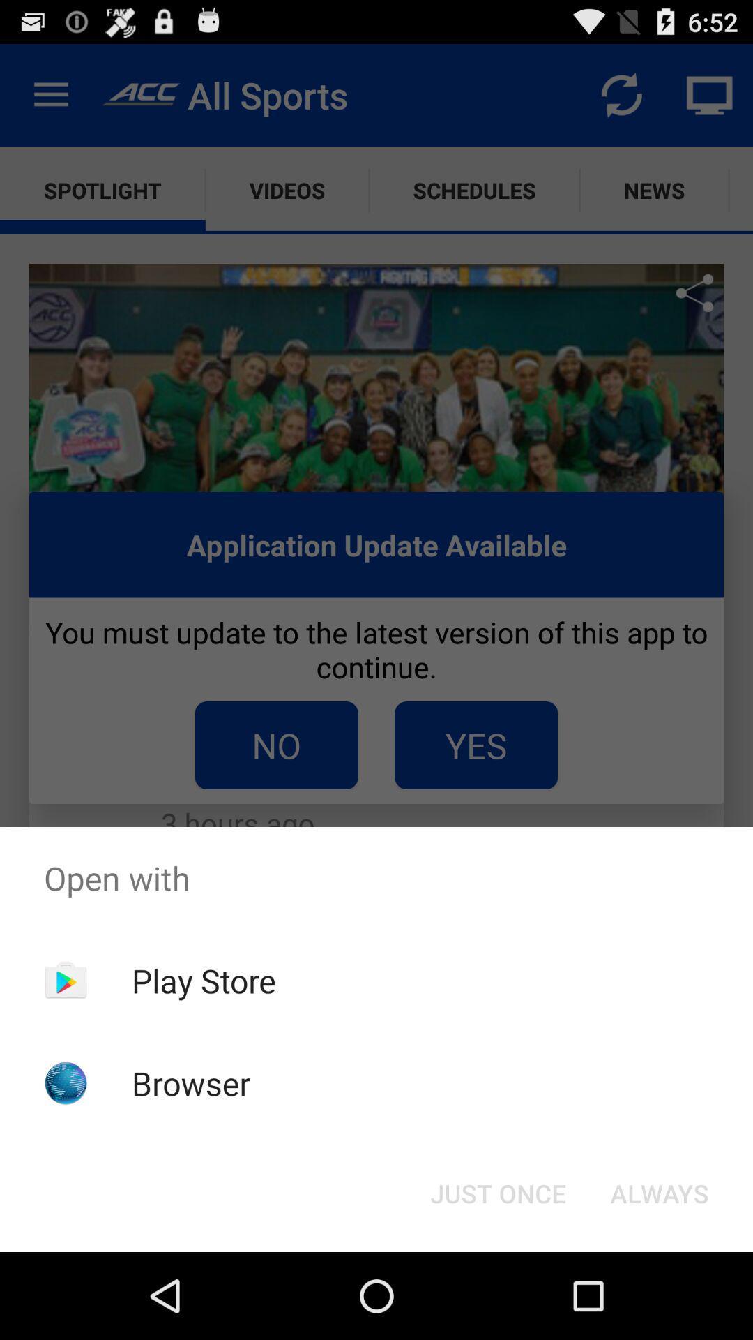 This screenshot has height=1340, width=753. What do you see at coordinates (659, 1192) in the screenshot?
I see `the always icon` at bounding box center [659, 1192].